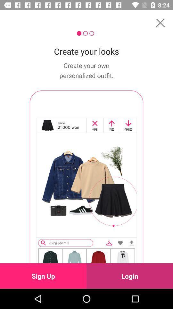 The image size is (173, 309). Describe the element at coordinates (130, 276) in the screenshot. I see `the login icon` at that location.